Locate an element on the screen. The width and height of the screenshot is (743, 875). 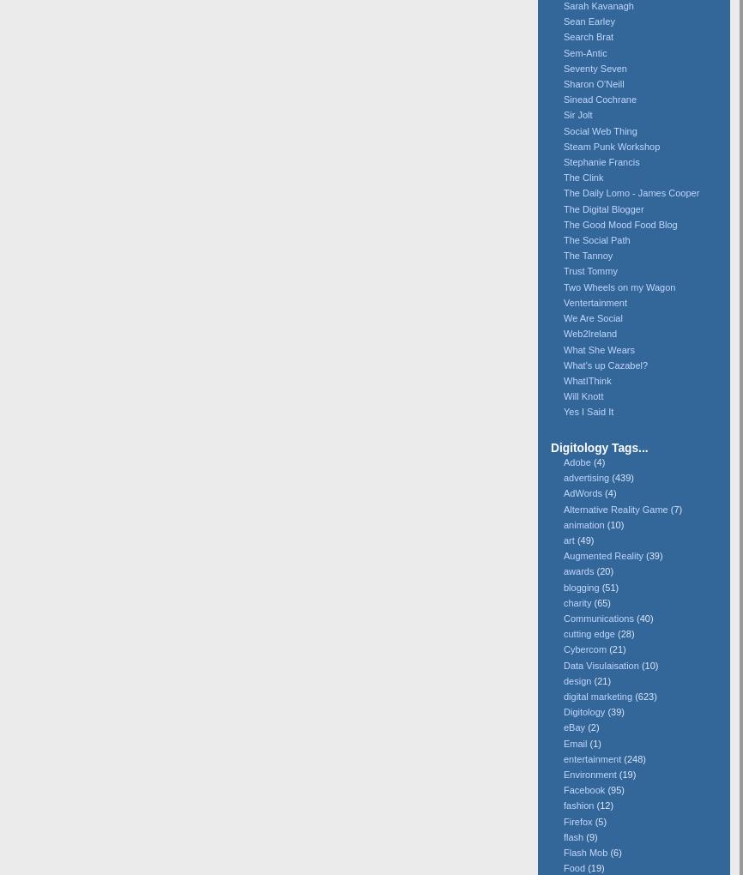
'Will Knott' is located at coordinates (582, 395).